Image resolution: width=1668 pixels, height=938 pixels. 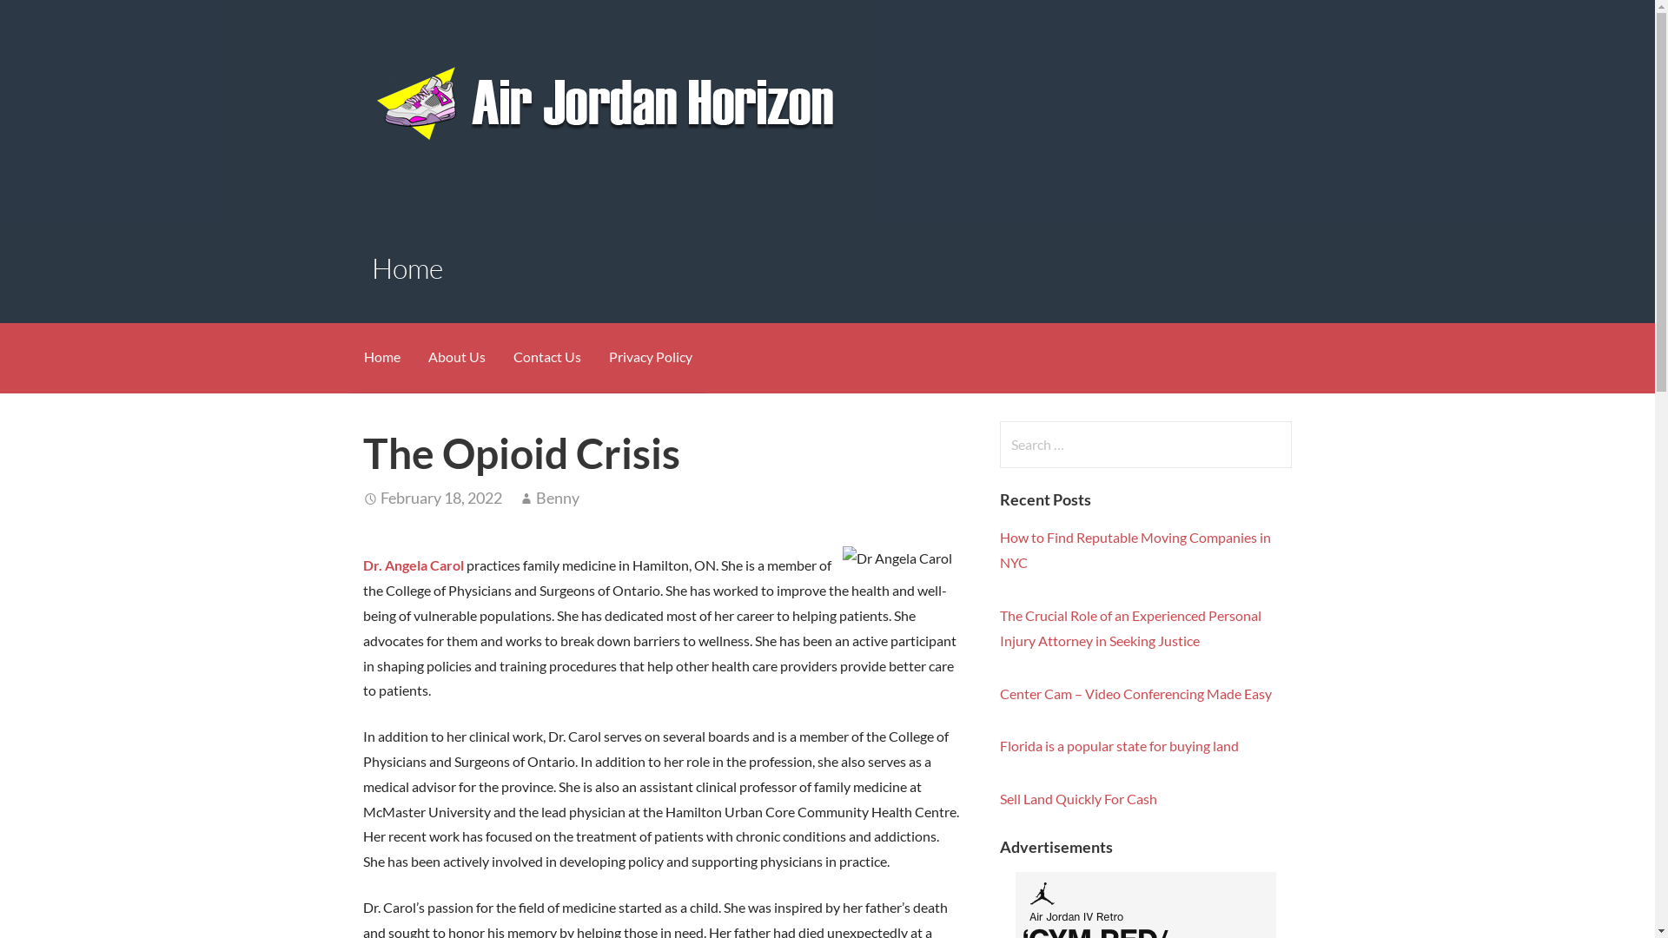 What do you see at coordinates (545, 357) in the screenshot?
I see `'Contact Us'` at bounding box center [545, 357].